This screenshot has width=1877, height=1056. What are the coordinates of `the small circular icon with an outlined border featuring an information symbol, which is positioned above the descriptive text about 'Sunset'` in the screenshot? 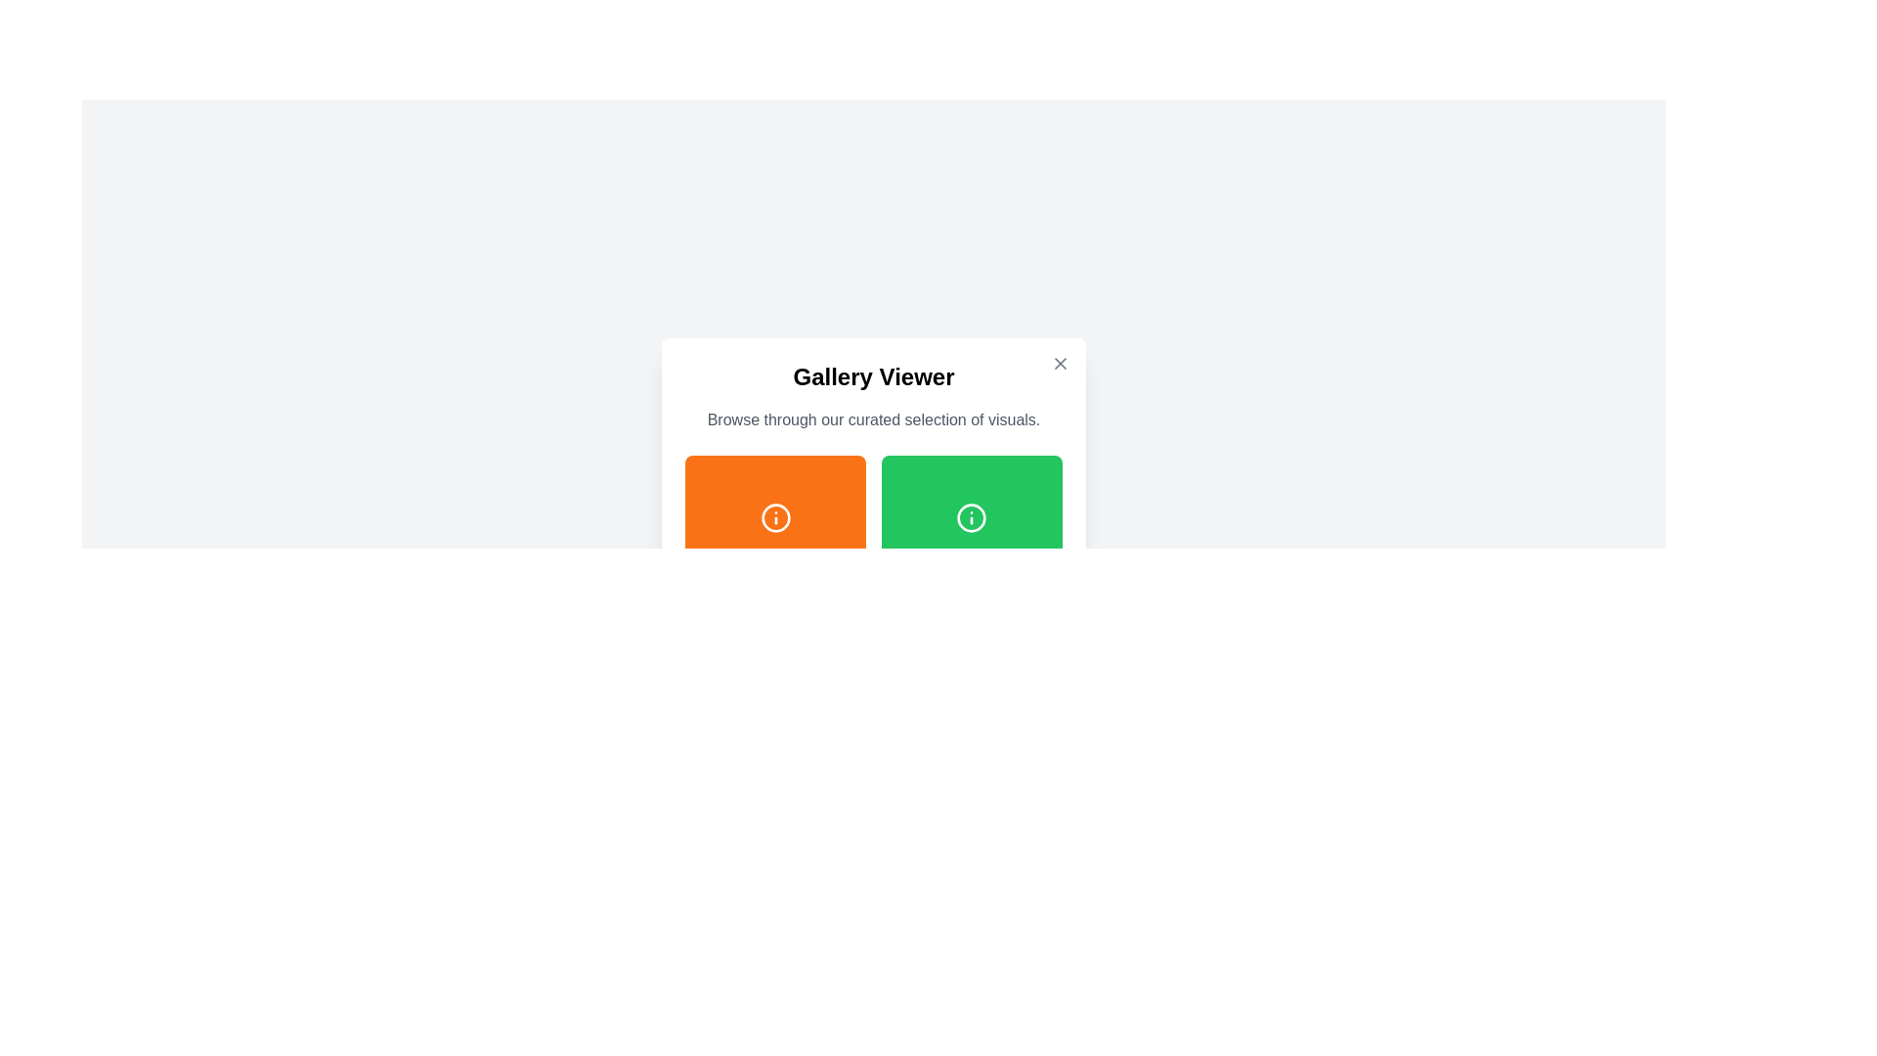 It's located at (774, 516).